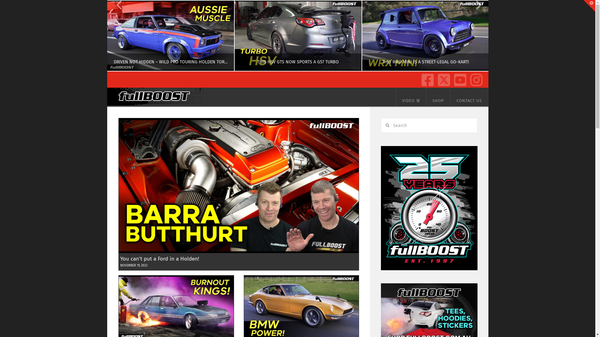  Describe the element at coordinates (426, 97) in the screenshot. I see `'SHOP'` at that location.